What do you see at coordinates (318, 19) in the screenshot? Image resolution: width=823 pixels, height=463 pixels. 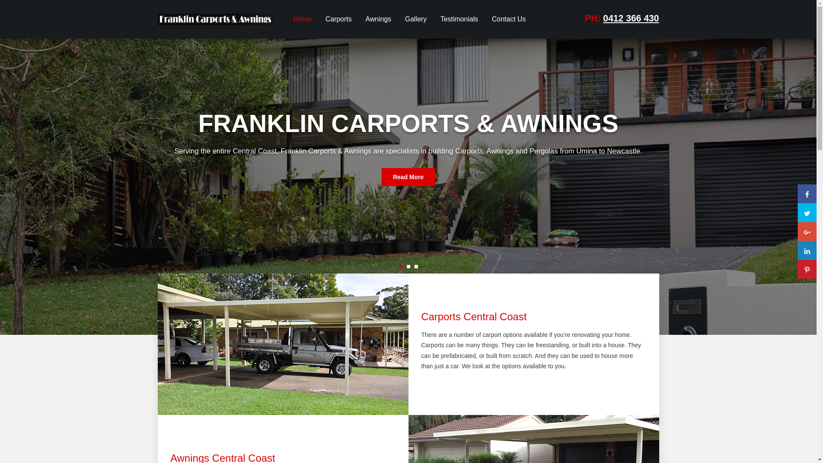 I see `'Carports'` at bounding box center [318, 19].